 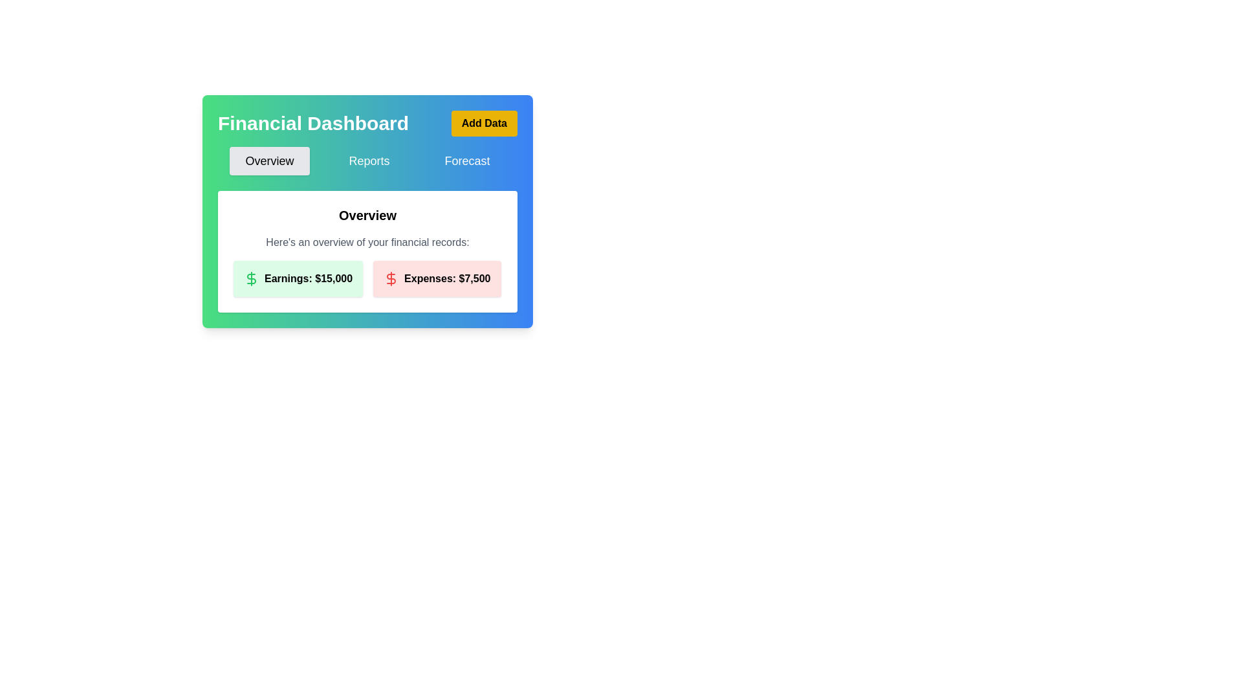 What do you see at coordinates (369, 161) in the screenshot?
I see `the 'Reports' button, which is the second button in the navigation bar` at bounding box center [369, 161].